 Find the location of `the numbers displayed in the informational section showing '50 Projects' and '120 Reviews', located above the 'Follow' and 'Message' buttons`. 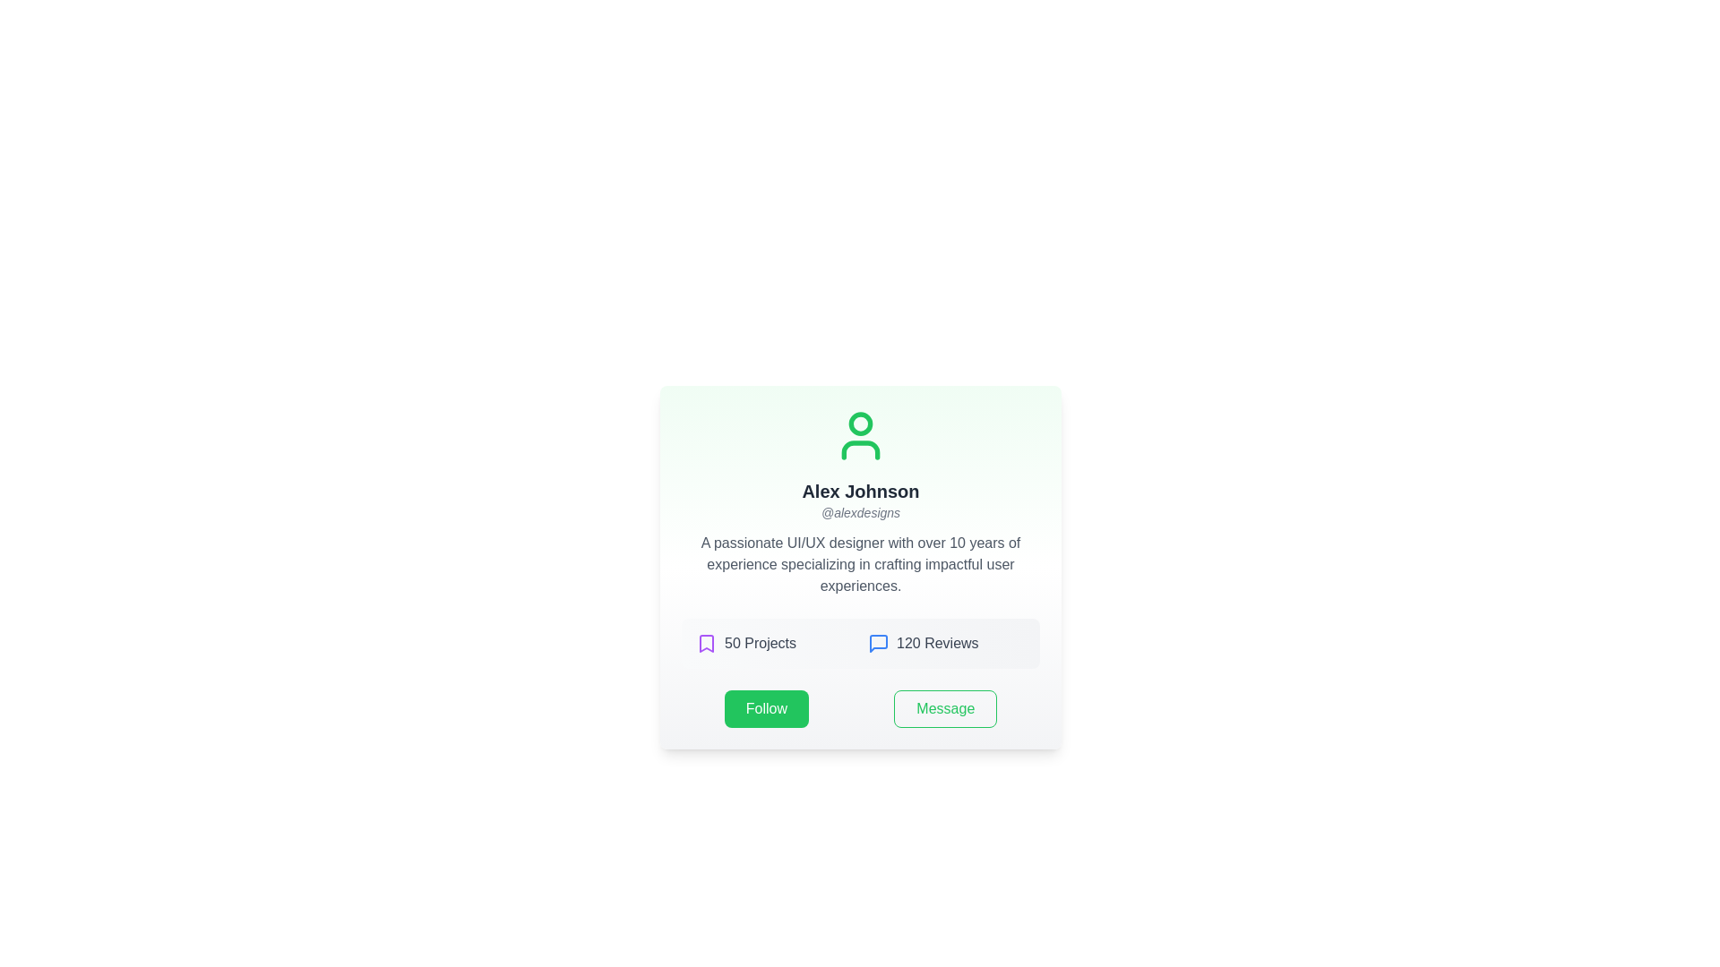

the numbers displayed in the informational section showing '50 Projects' and '120 Reviews', located above the 'Follow' and 'Message' buttons is located at coordinates (860, 642).